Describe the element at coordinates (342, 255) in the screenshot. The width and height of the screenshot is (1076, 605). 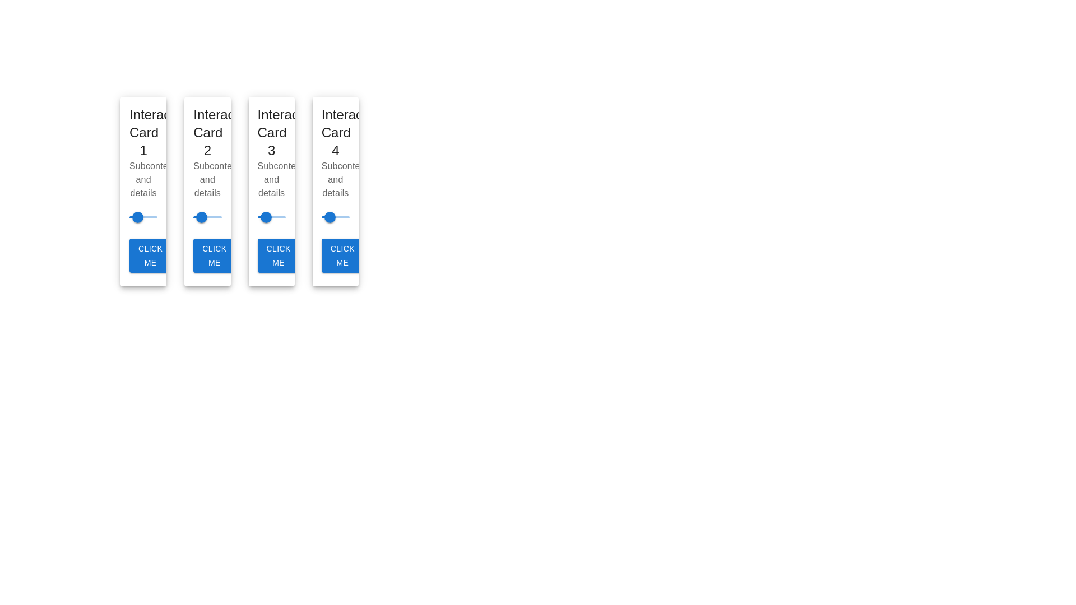
I see `the interactive button located at the bottom of the fourth card from the left` at that location.